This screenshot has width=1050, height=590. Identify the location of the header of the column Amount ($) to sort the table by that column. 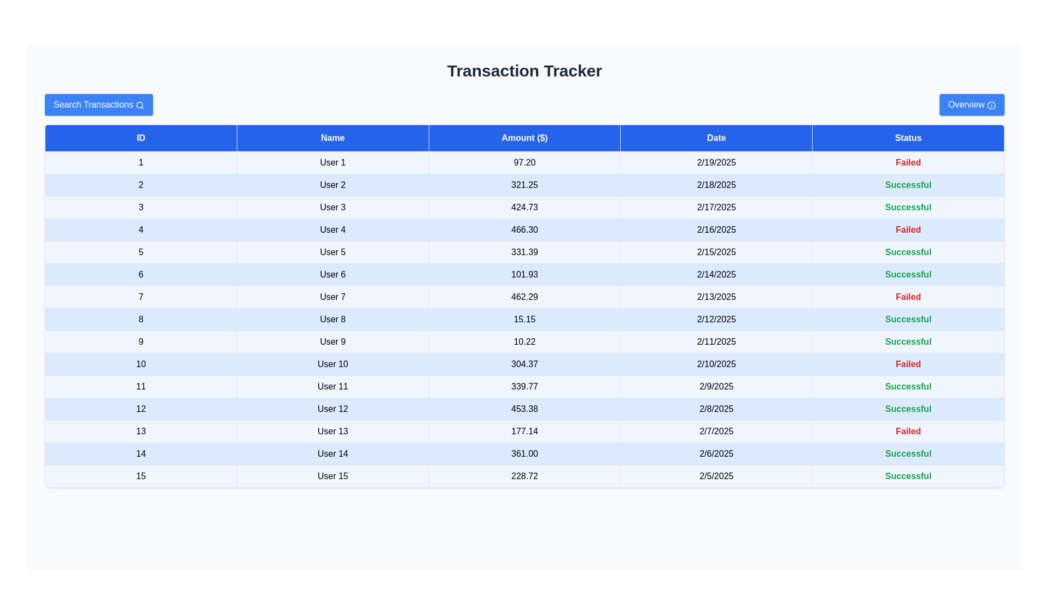
(524, 138).